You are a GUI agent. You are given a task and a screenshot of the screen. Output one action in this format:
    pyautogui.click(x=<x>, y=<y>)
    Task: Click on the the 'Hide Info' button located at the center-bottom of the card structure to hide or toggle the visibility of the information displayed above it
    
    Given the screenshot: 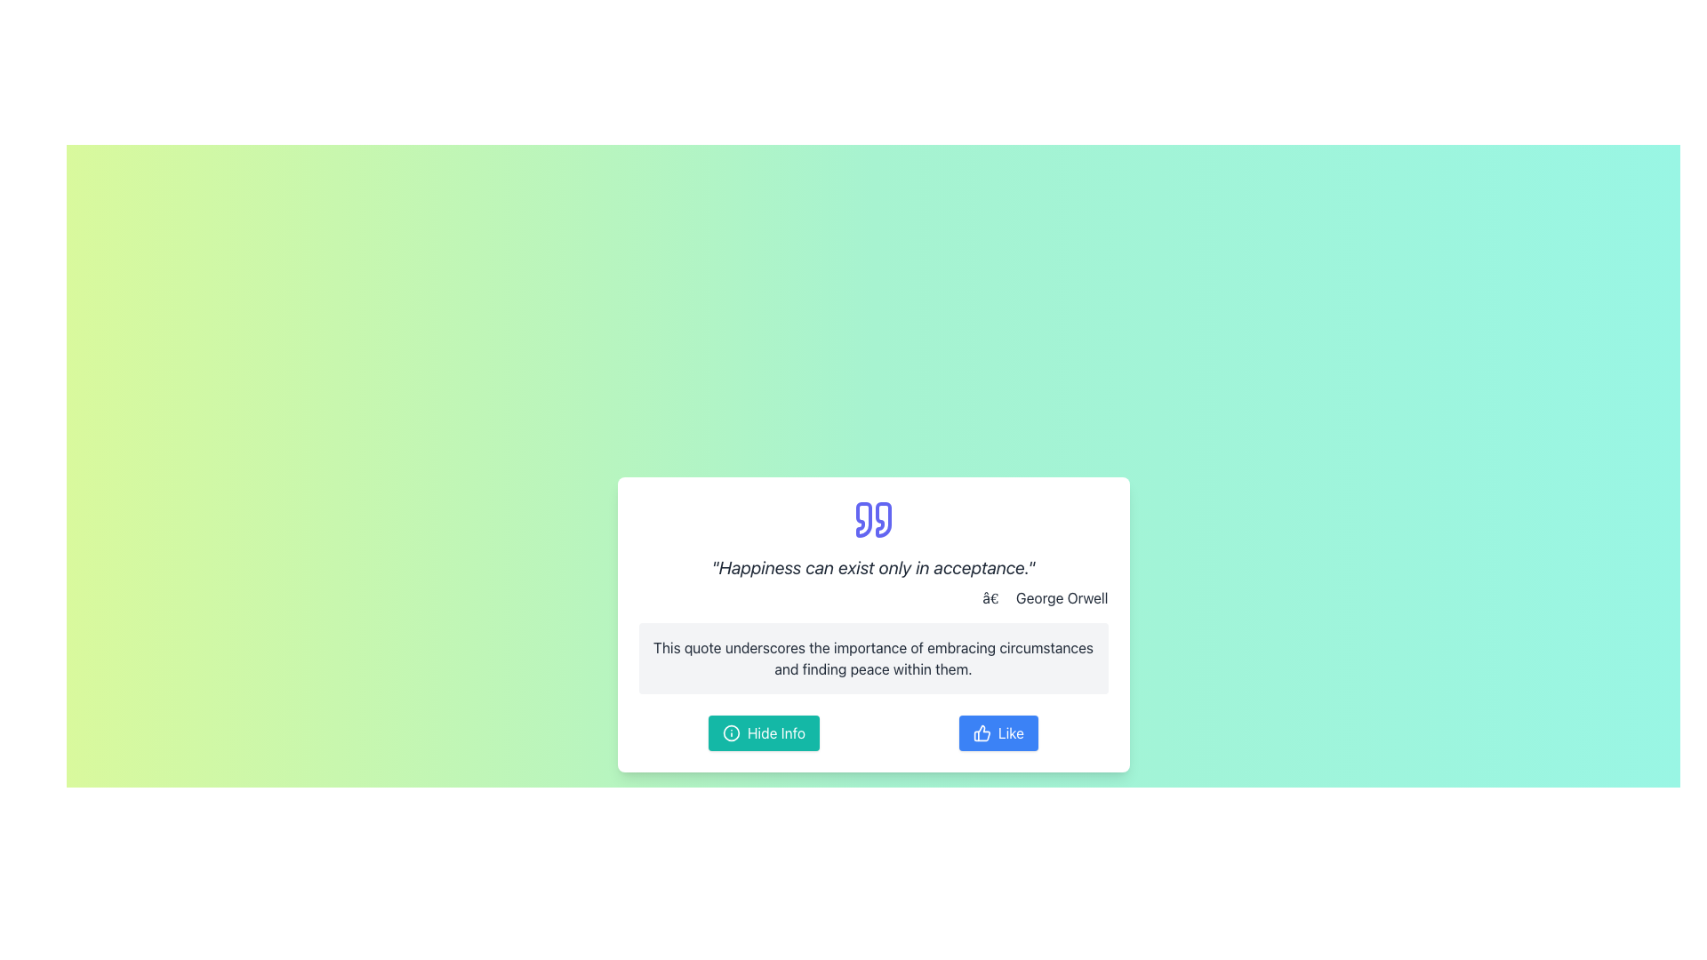 What is the action you would take?
    pyautogui.click(x=764, y=733)
    